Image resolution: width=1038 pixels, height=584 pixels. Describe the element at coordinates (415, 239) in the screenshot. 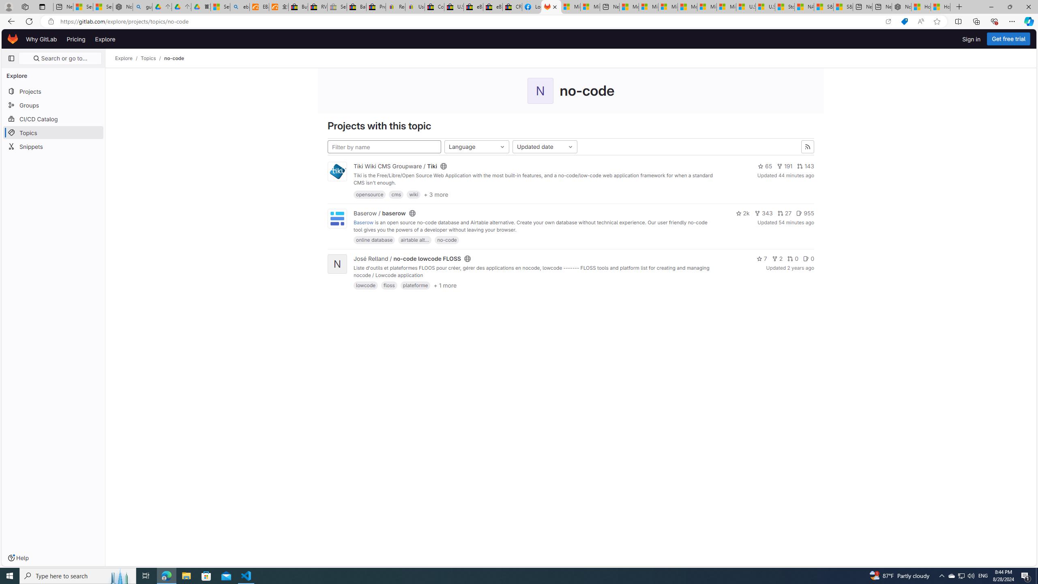

I see `'airtable alt...'` at that location.